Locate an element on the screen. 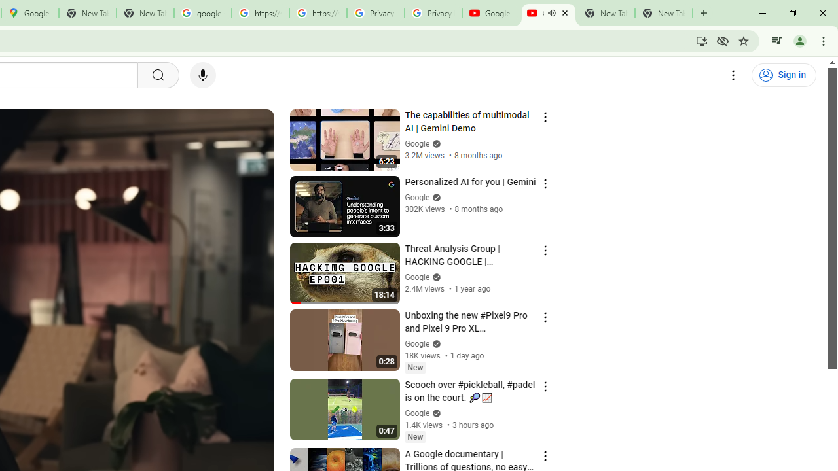 This screenshot has width=838, height=471. 'Install YouTube' is located at coordinates (701, 40).